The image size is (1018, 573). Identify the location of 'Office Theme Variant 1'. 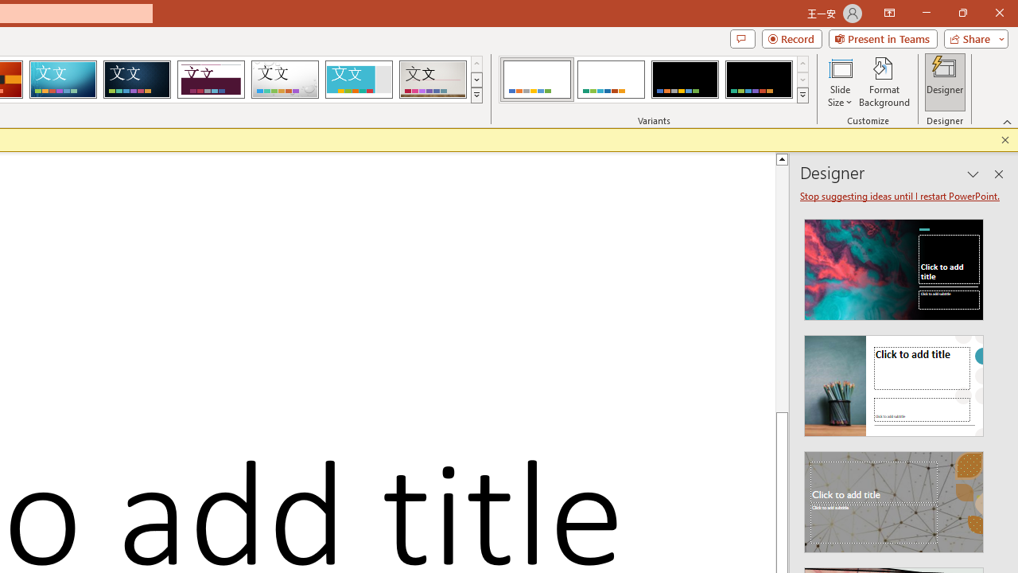
(537, 80).